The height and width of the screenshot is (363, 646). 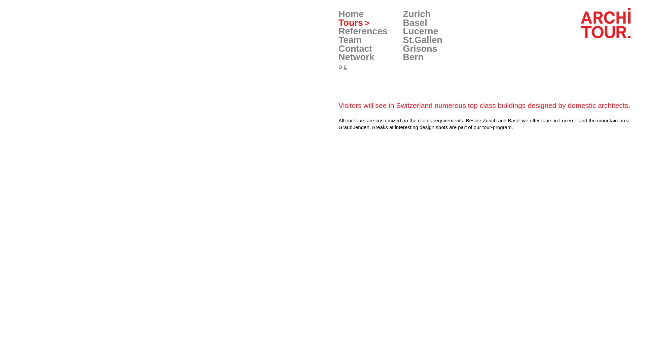 I want to click on 'References', so click(x=363, y=31).